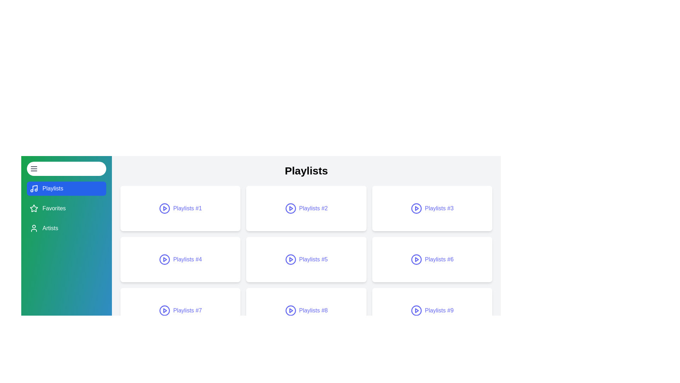 The image size is (680, 383). I want to click on the category Favorites from the sidebar menu, so click(66, 208).